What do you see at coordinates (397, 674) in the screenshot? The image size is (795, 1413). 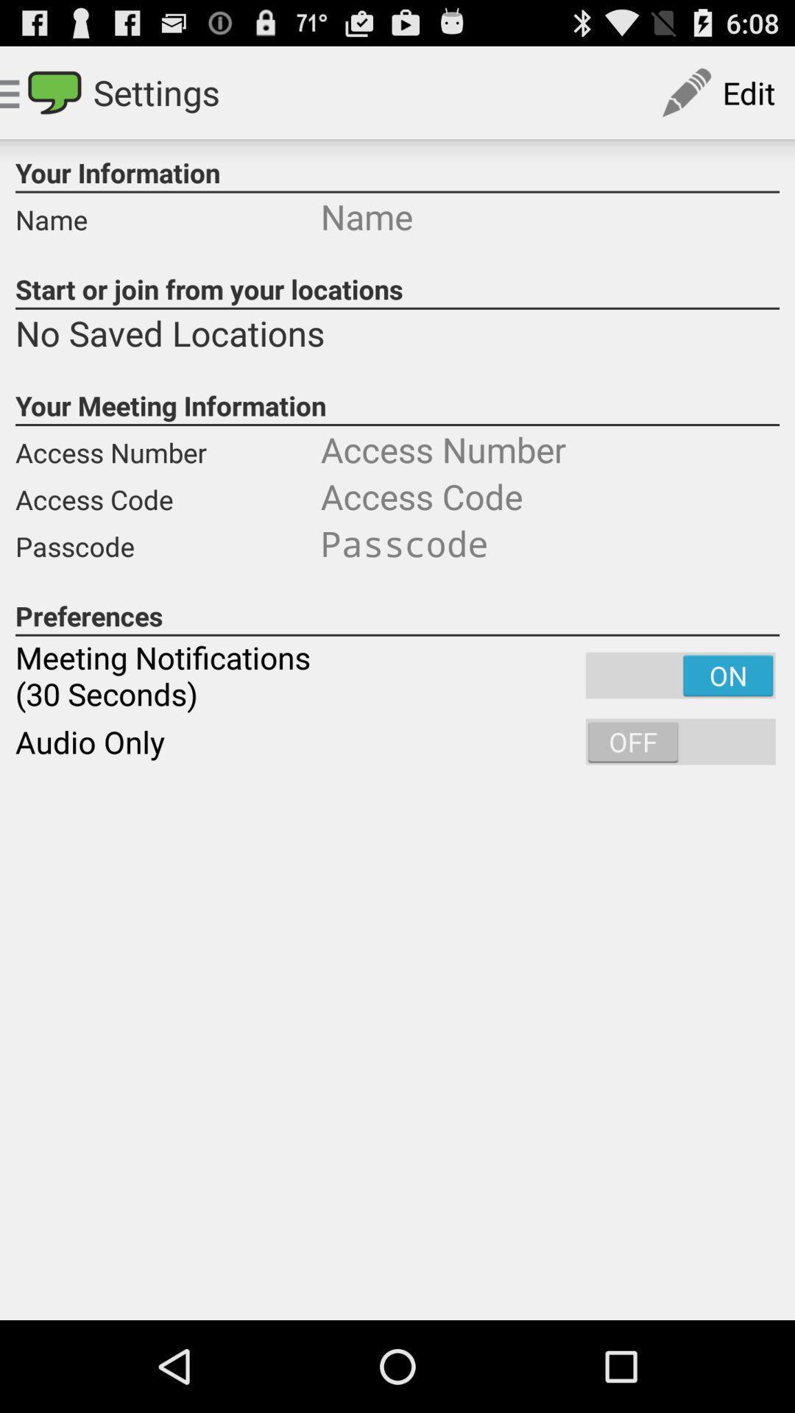 I see `icon above audio only icon` at bounding box center [397, 674].